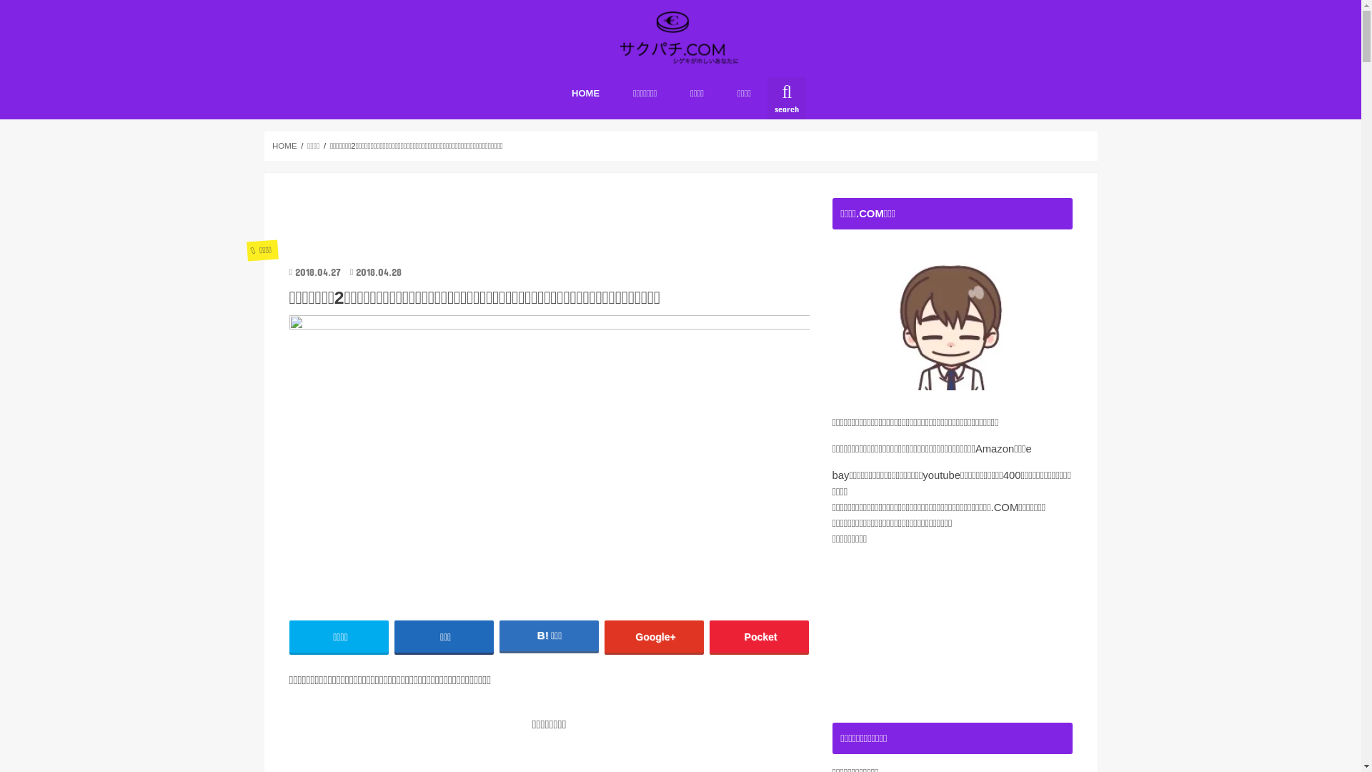 This screenshot has width=1372, height=772. Describe the element at coordinates (785, 97) in the screenshot. I see `'search'` at that location.